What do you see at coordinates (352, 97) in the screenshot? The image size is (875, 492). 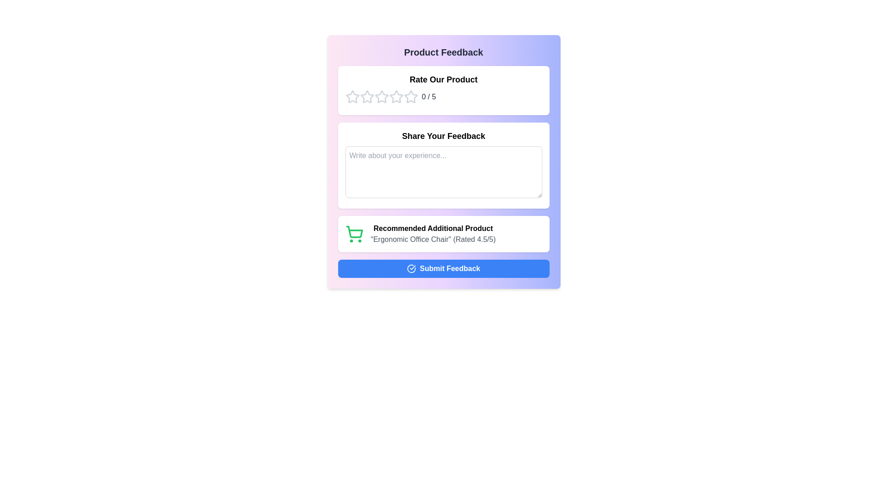 I see `the first star icon` at bounding box center [352, 97].